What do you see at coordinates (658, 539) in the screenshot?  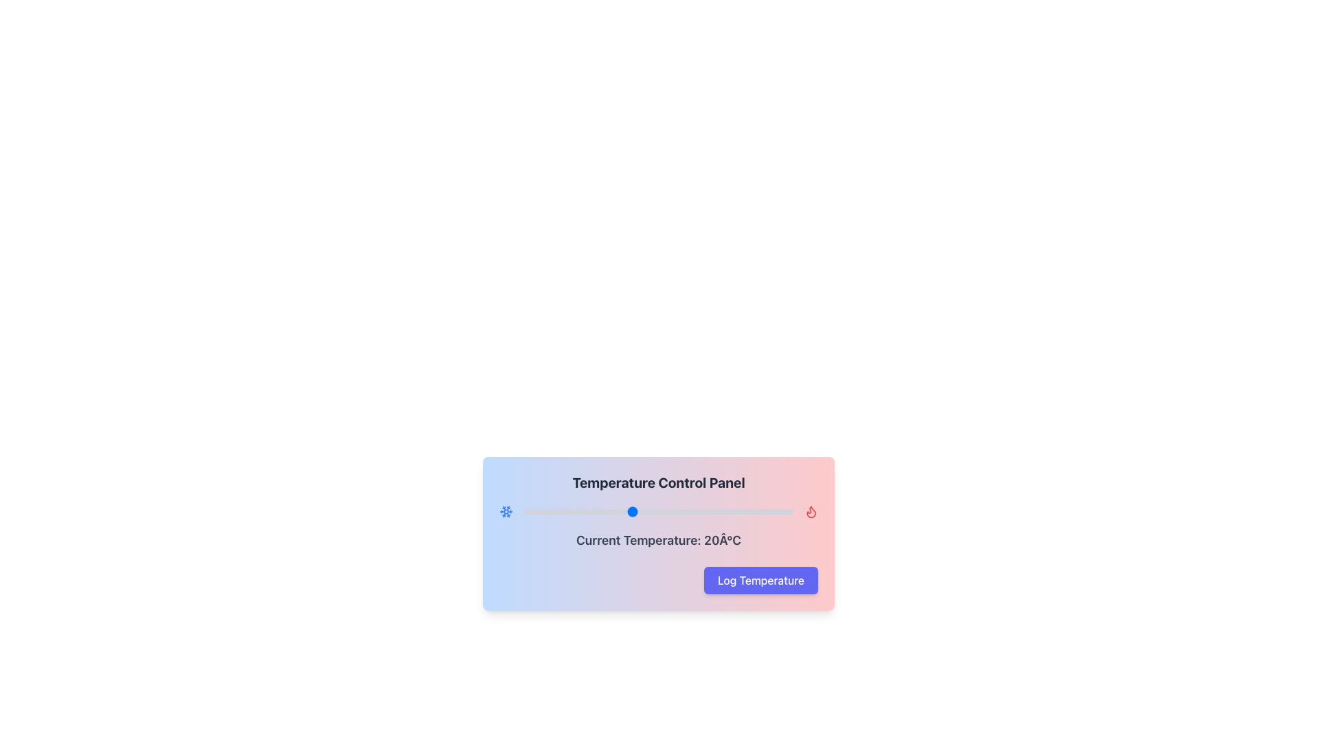 I see `the text label displaying 'Current Temperature: 20°C', which is centrally aligned in the 'Temperature Control Panel' and located above the 'Log Temperature' button` at bounding box center [658, 539].